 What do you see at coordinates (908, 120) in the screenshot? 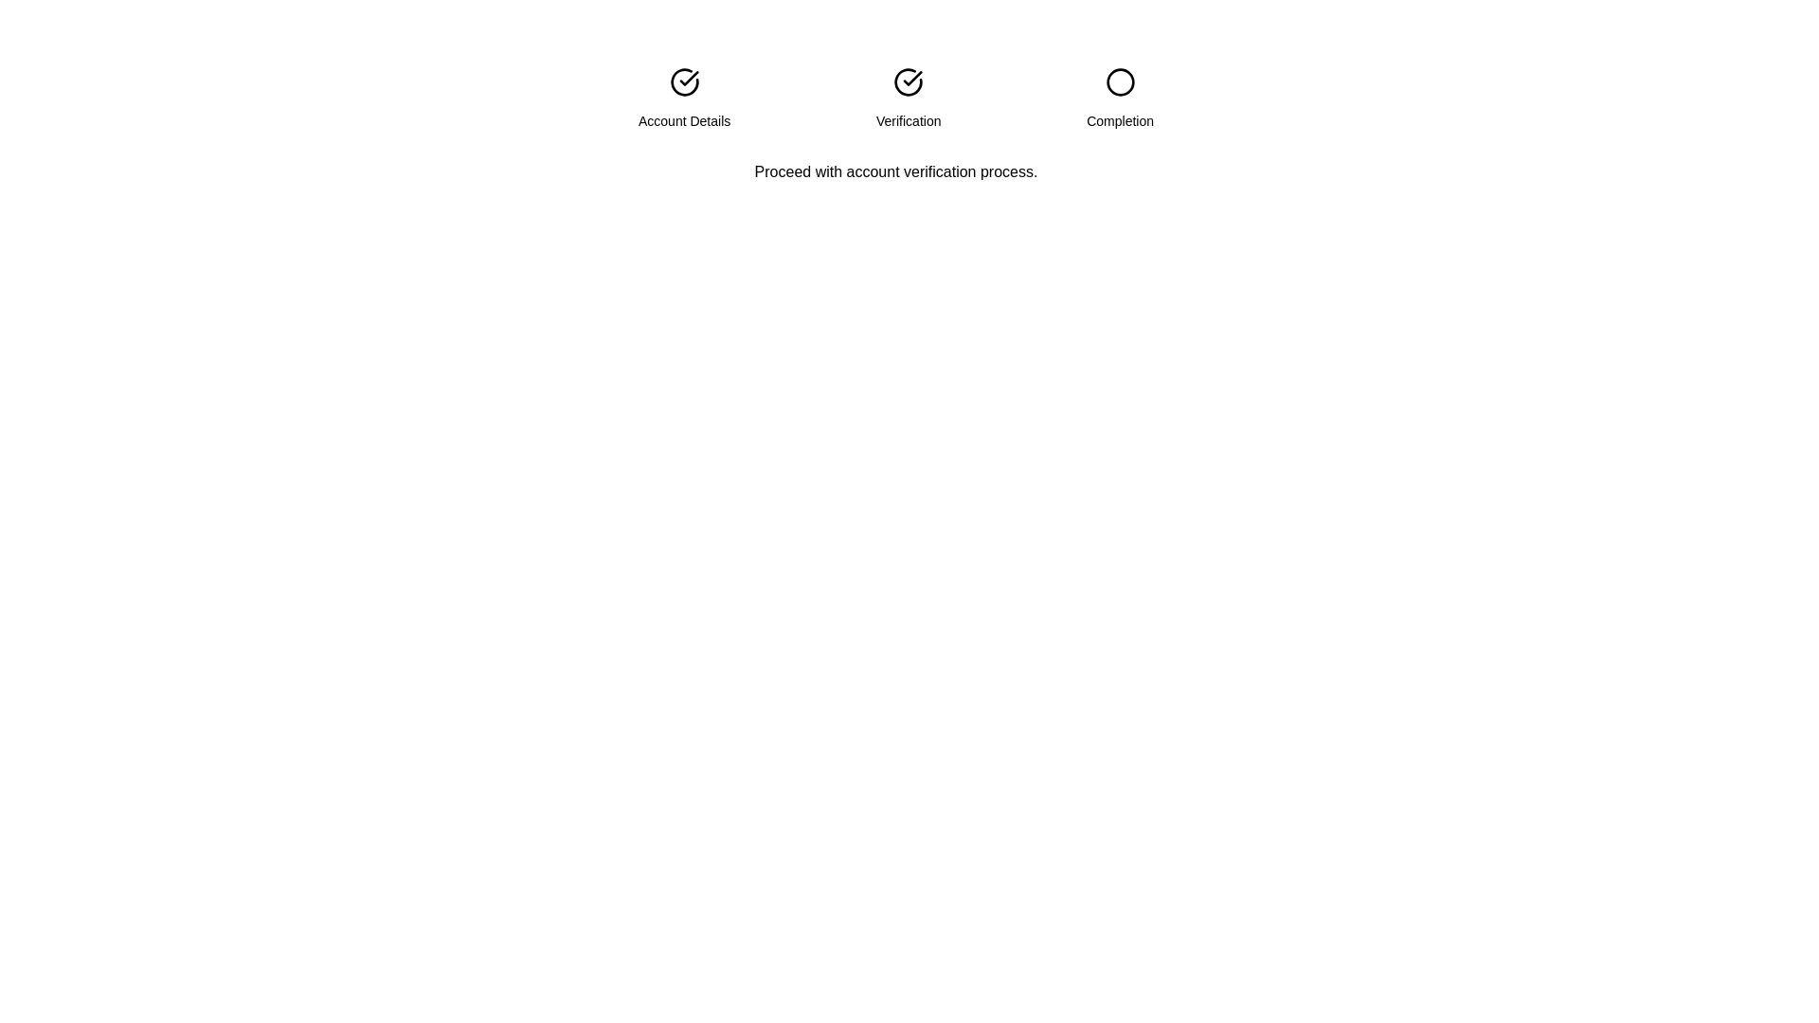
I see `the text label displaying 'Verification', which is centrally positioned among three labels in the progress indicator` at bounding box center [908, 120].